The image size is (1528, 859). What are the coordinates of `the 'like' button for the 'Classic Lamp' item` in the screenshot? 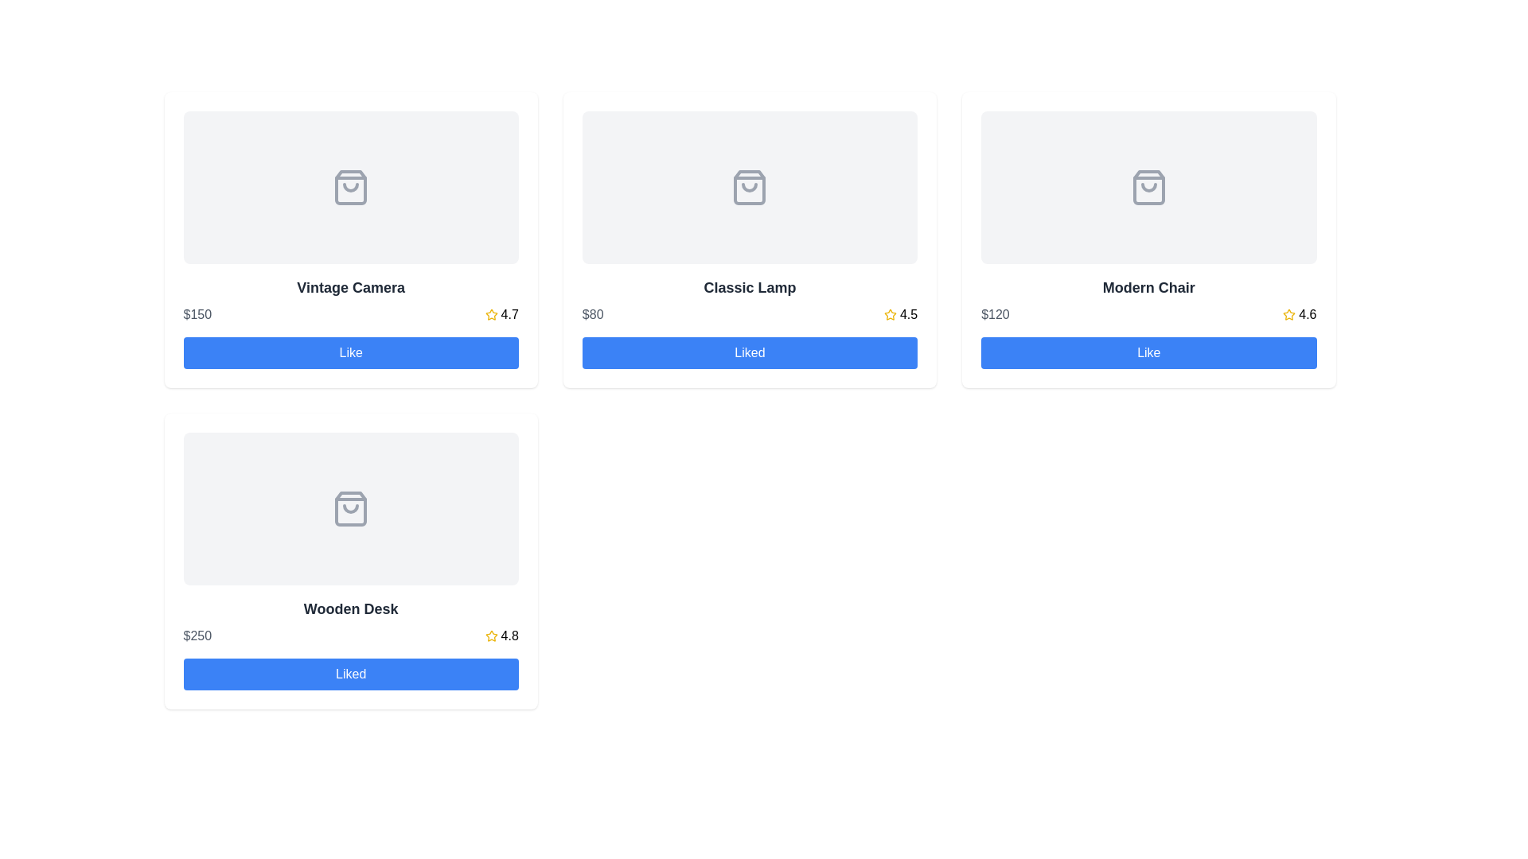 It's located at (749, 352).